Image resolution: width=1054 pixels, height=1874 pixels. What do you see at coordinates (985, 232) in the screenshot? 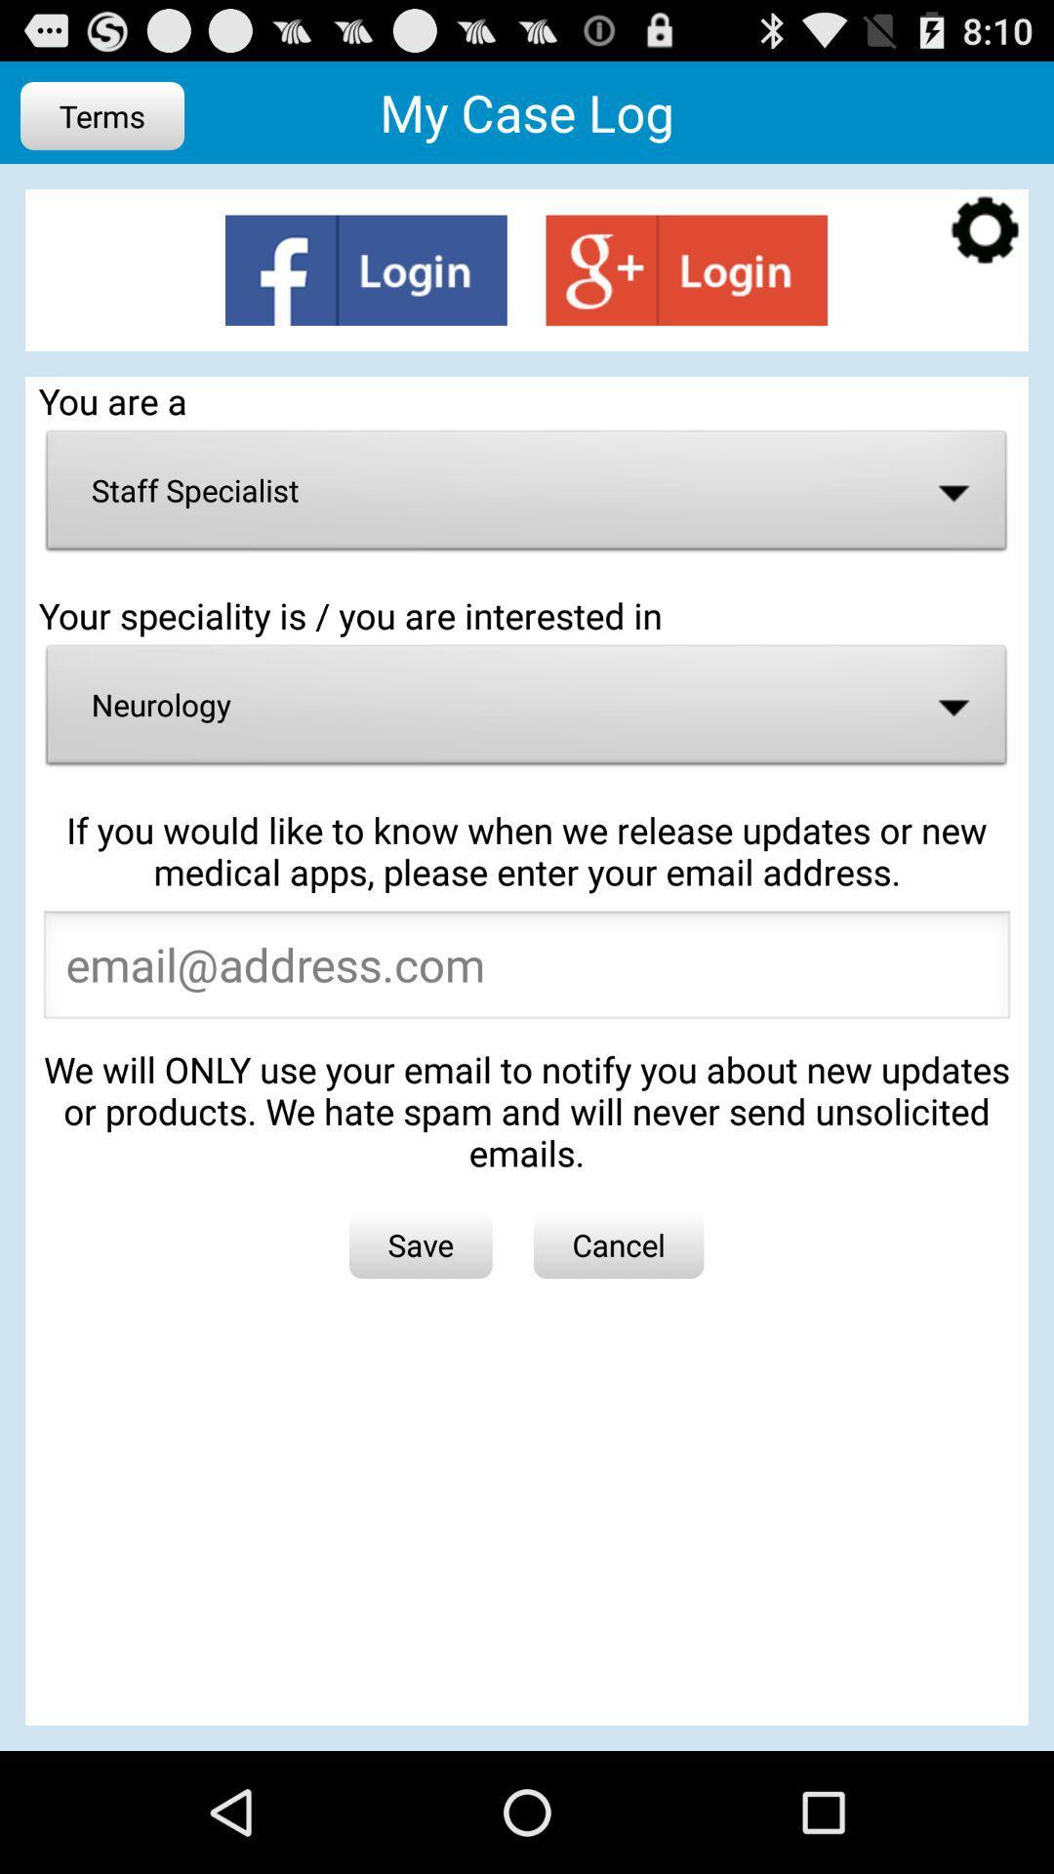
I see `settings` at bounding box center [985, 232].